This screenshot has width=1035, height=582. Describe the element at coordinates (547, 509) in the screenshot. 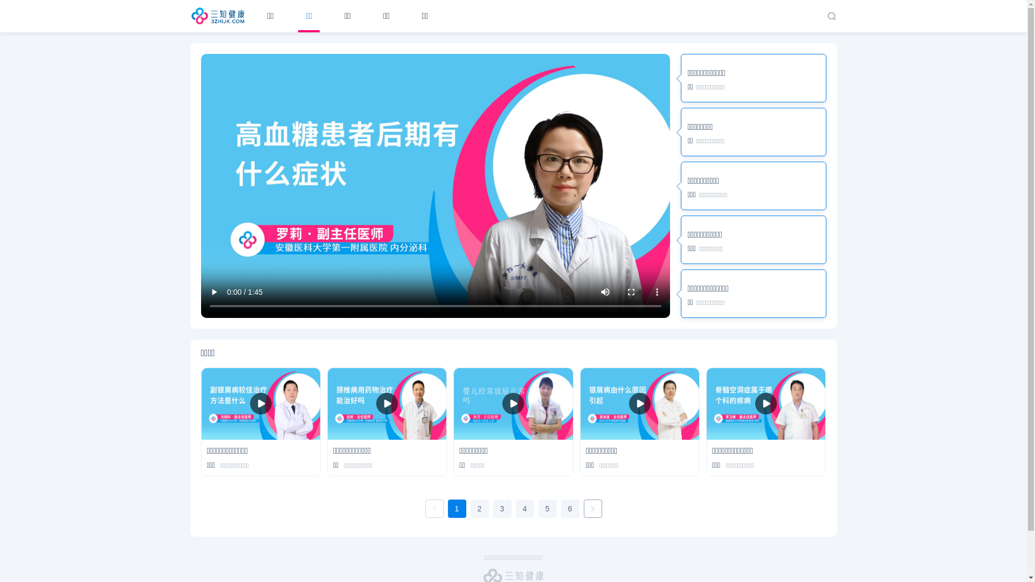

I see `'5'` at that location.